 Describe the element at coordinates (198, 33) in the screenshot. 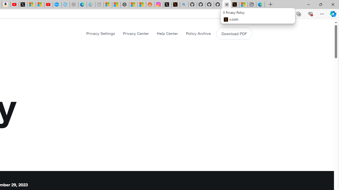

I see `'Policy Archive'` at that location.